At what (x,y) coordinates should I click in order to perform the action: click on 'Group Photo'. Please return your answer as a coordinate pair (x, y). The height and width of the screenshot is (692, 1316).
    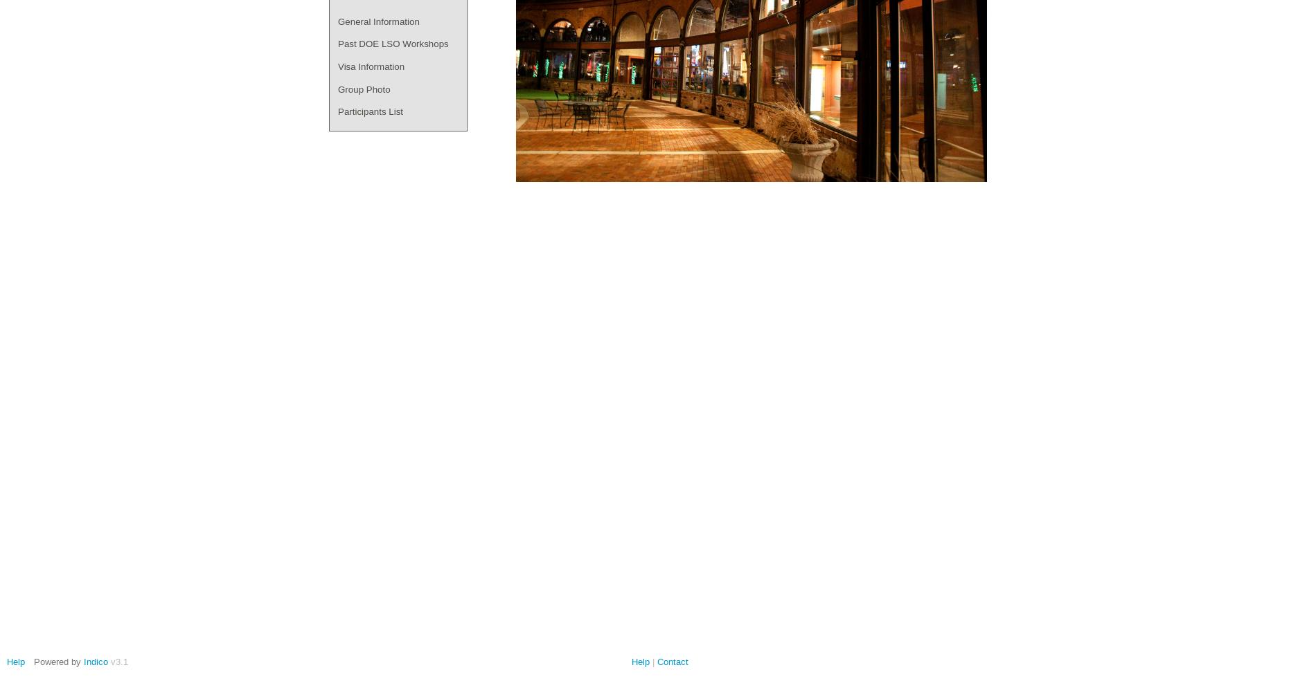
    Looking at the image, I should click on (364, 89).